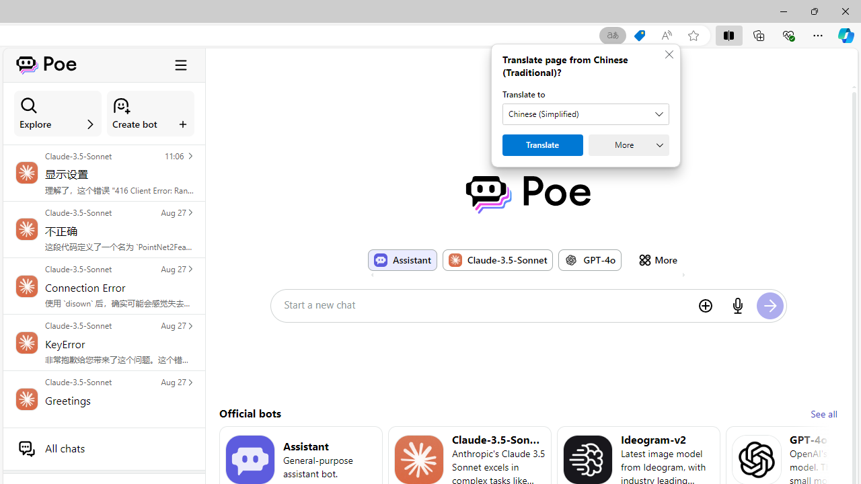 The height and width of the screenshot is (484, 861). What do you see at coordinates (590, 259) in the screenshot?
I see `'Bot image for GPT-4o GPT-4o'` at bounding box center [590, 259].